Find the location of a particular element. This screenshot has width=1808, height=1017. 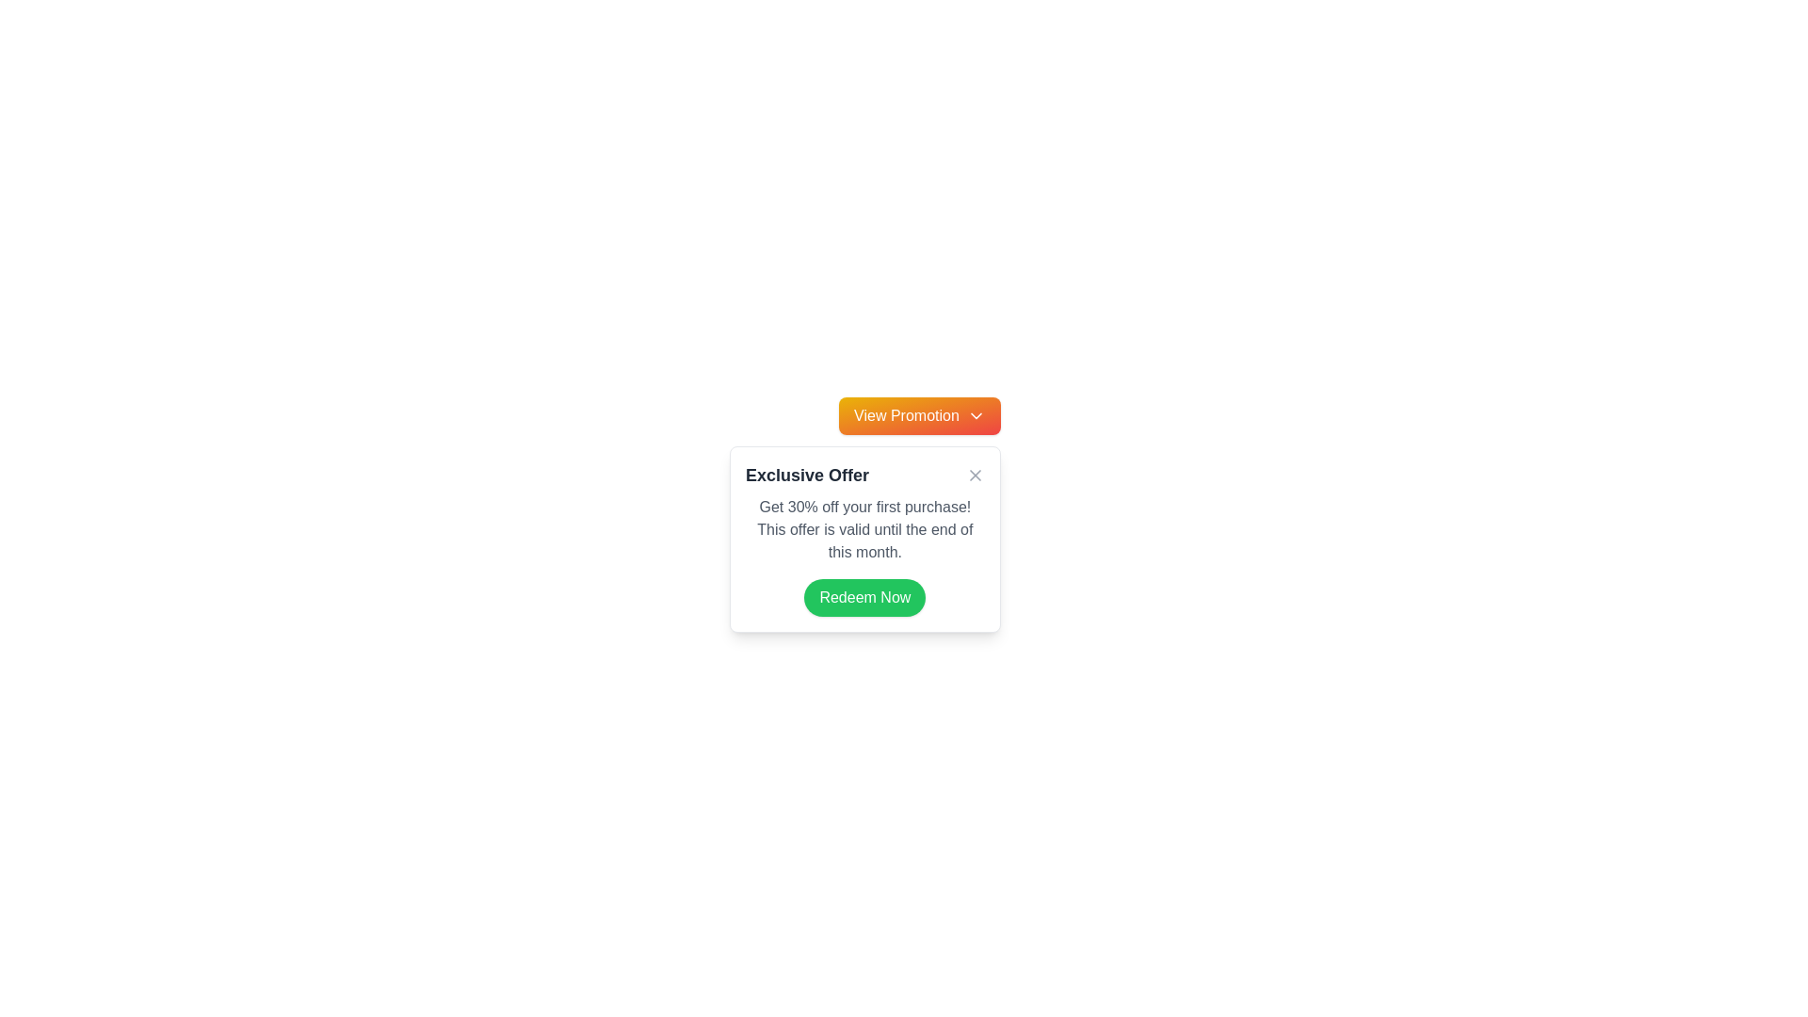

the button labeled 'Start Redemption' located at the bottom of the 'Exclusive Offer' notice box to change its background color to a darker green is located at coordinates (864, 598).